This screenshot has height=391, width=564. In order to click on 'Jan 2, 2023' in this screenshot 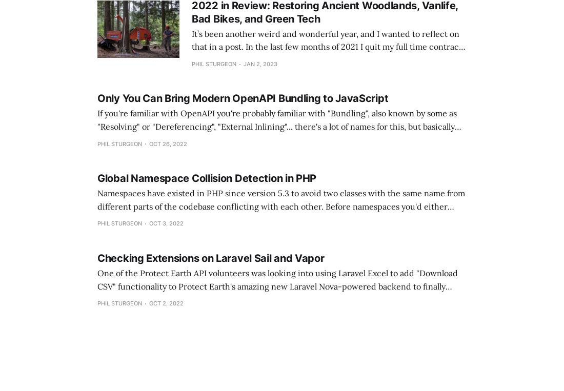, I will do `click(260, 63)`.